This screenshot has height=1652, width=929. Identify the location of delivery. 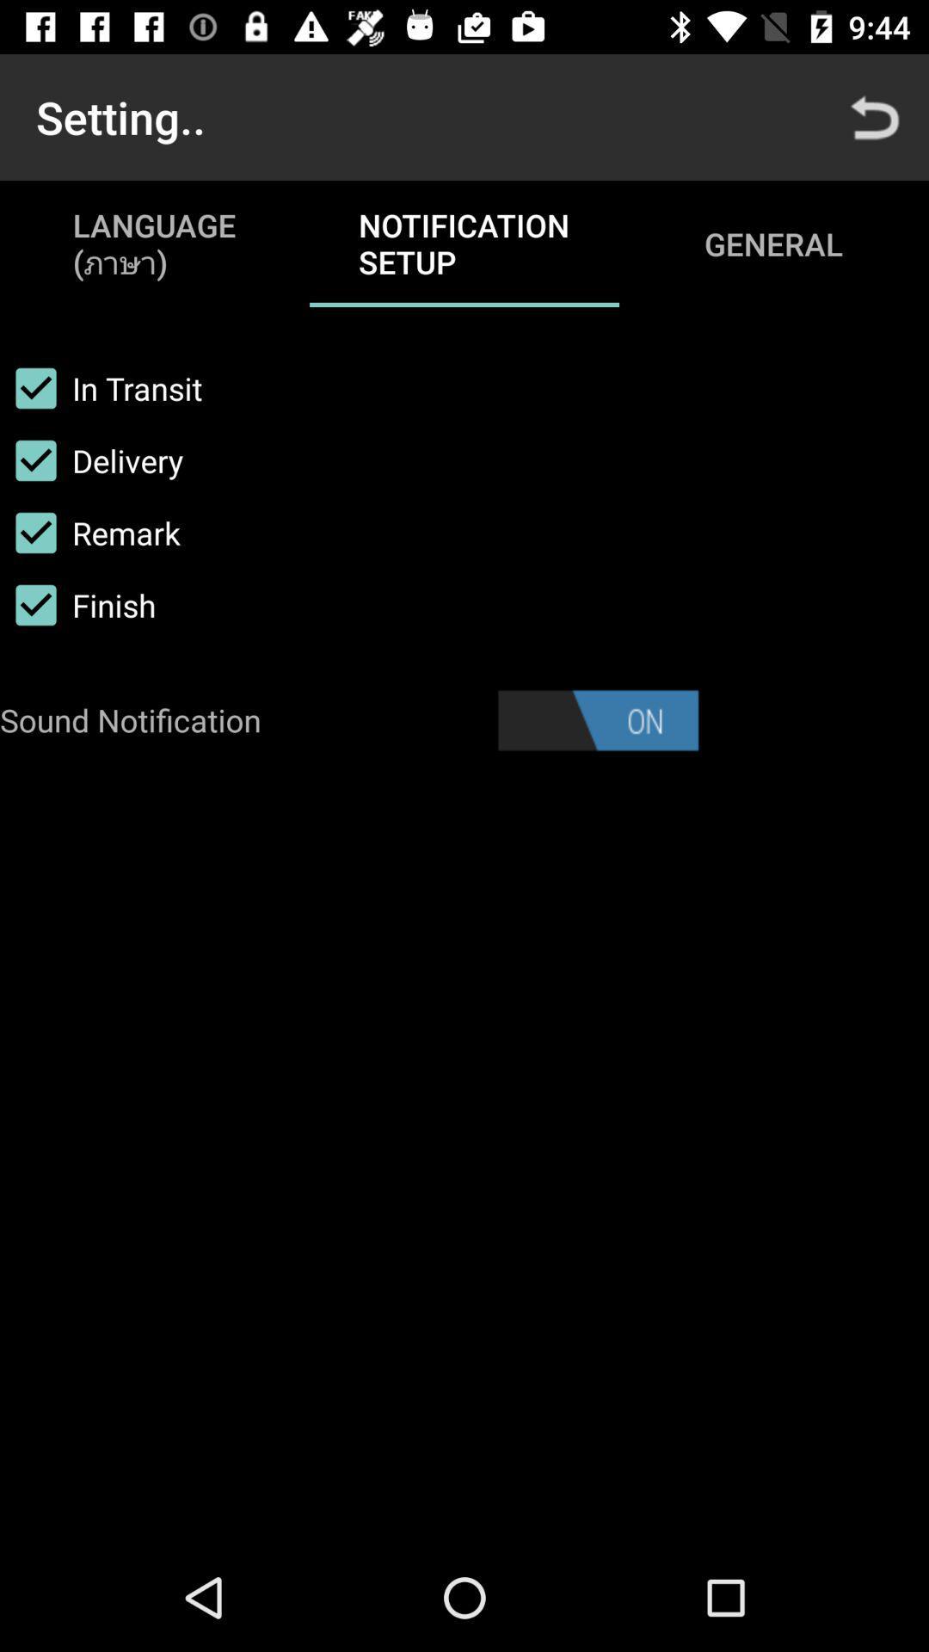
(91, 460).